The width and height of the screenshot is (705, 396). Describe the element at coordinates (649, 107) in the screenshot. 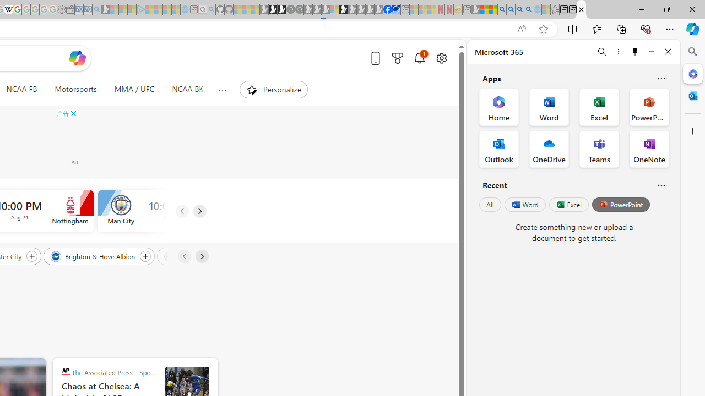

I see `'PowerPoint Office App'` at that location.